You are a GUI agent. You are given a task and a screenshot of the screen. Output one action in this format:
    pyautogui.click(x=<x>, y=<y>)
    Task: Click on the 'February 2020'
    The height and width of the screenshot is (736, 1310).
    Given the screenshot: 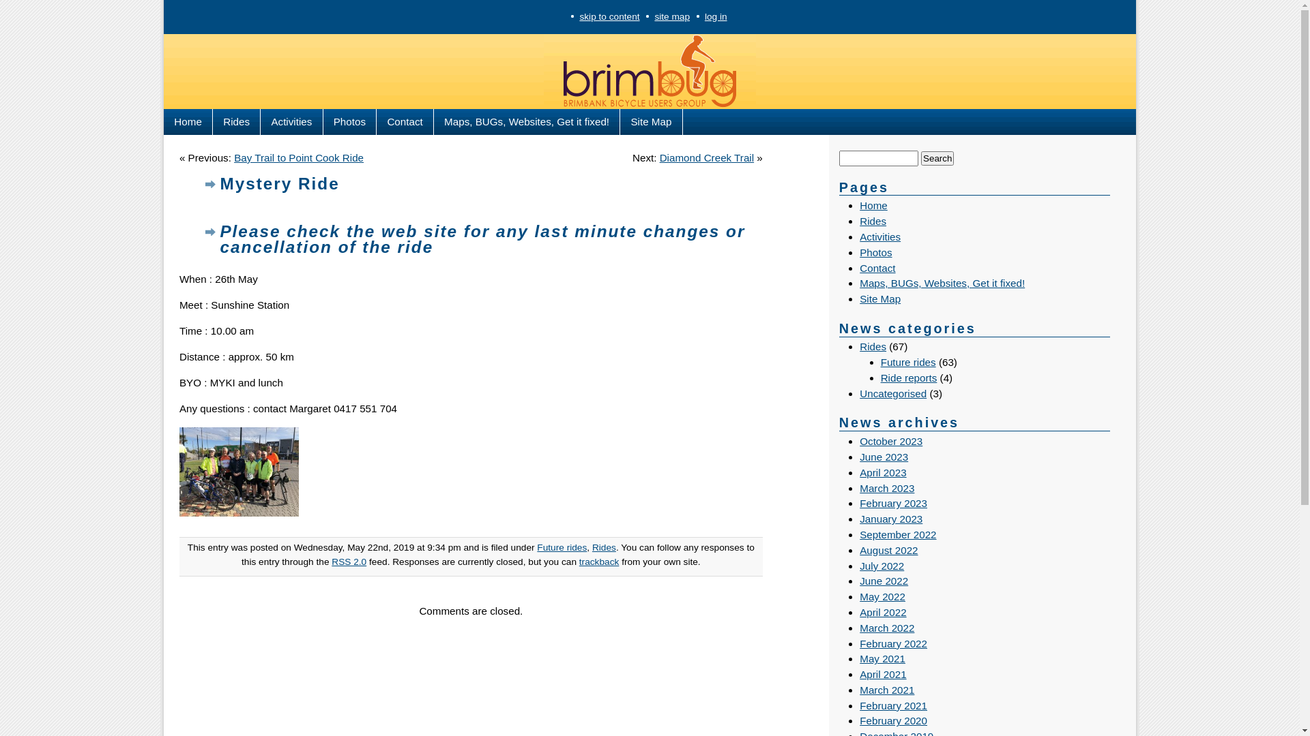 What is the action you would take?
    pyautogui.click(x=893, y=720)
    